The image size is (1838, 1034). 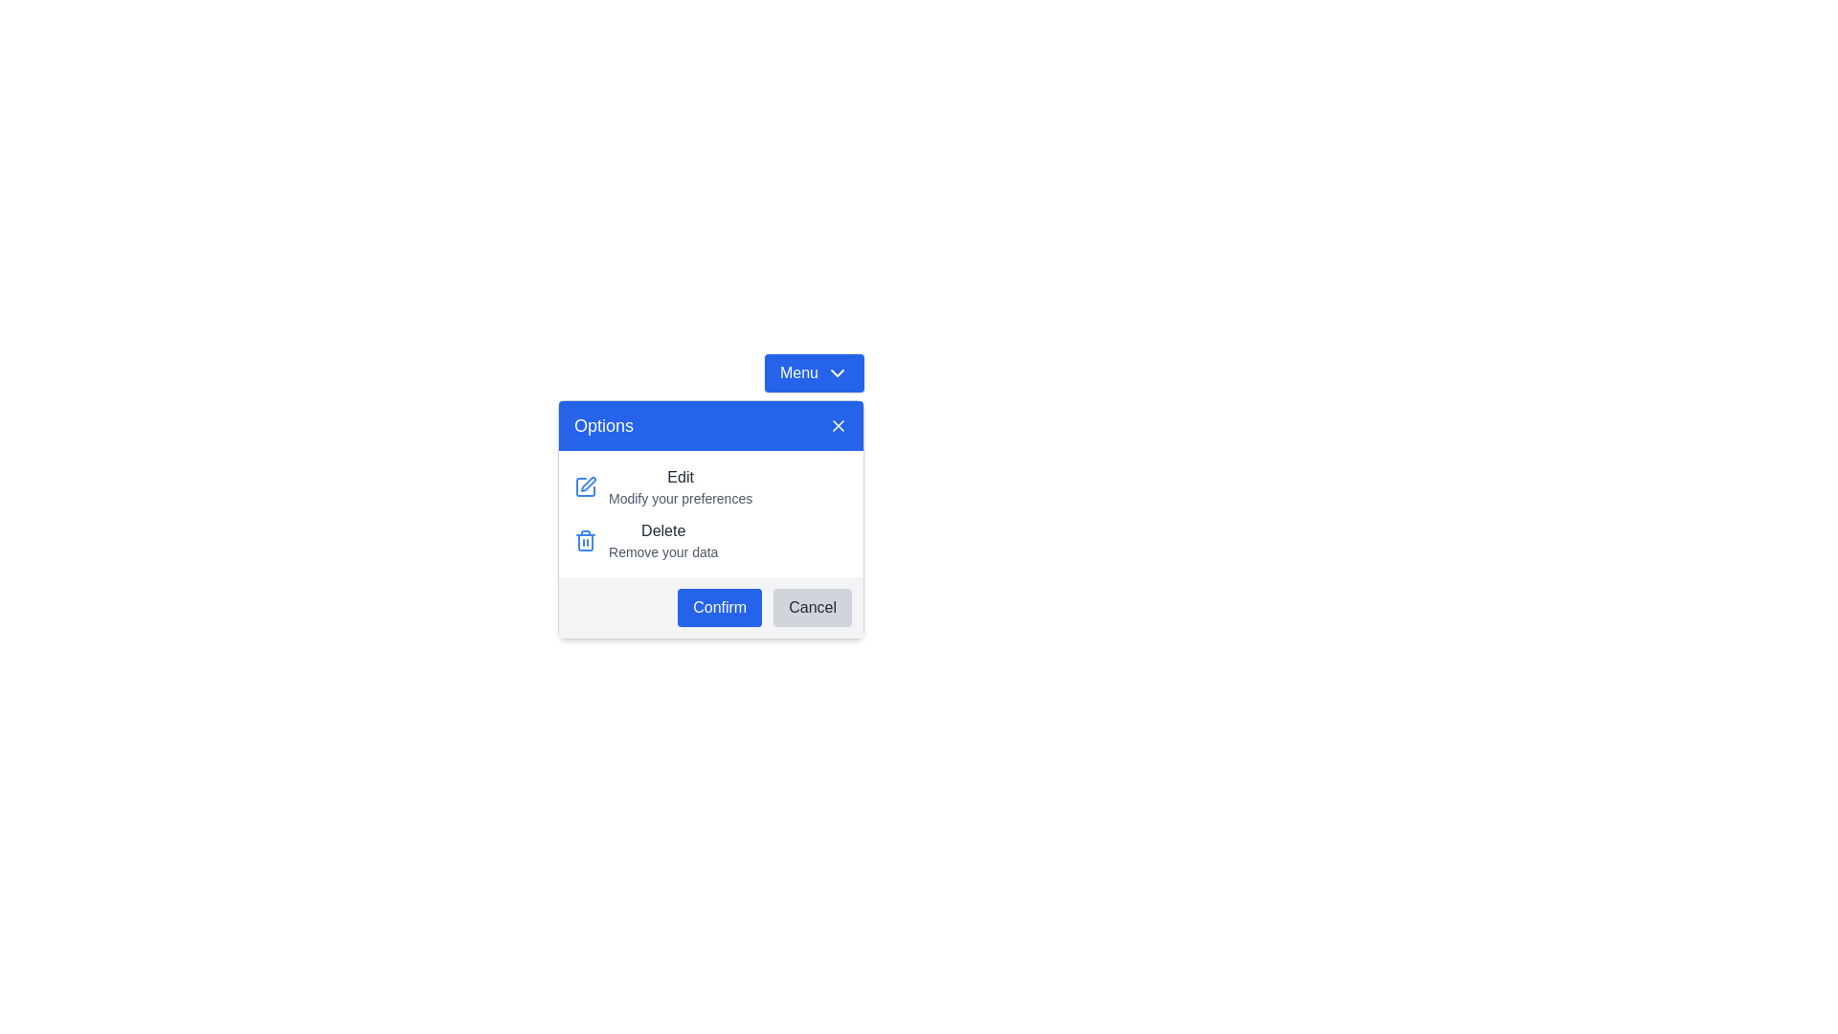 I want to click on the Text label that describes the deletion function in the modal interface titled 'Options', which is the second item in the vertical list of options, so click(x=663, y=540).